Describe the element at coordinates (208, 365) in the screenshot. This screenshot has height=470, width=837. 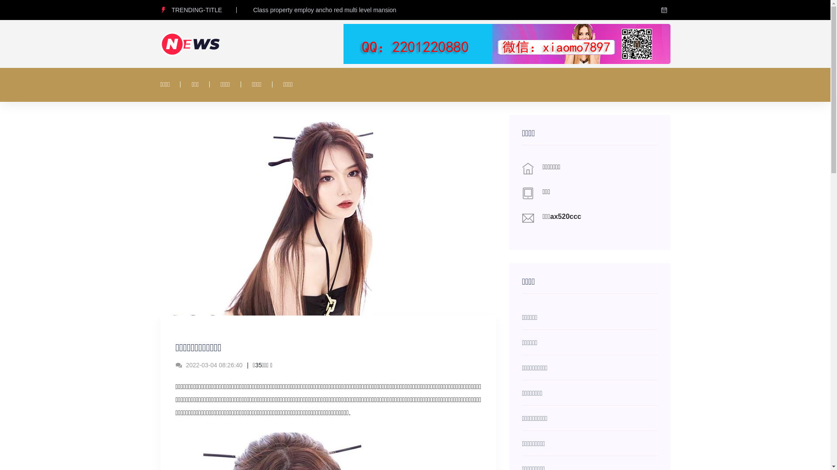
I see `'2022-03-04 08:26:40'` at that location.